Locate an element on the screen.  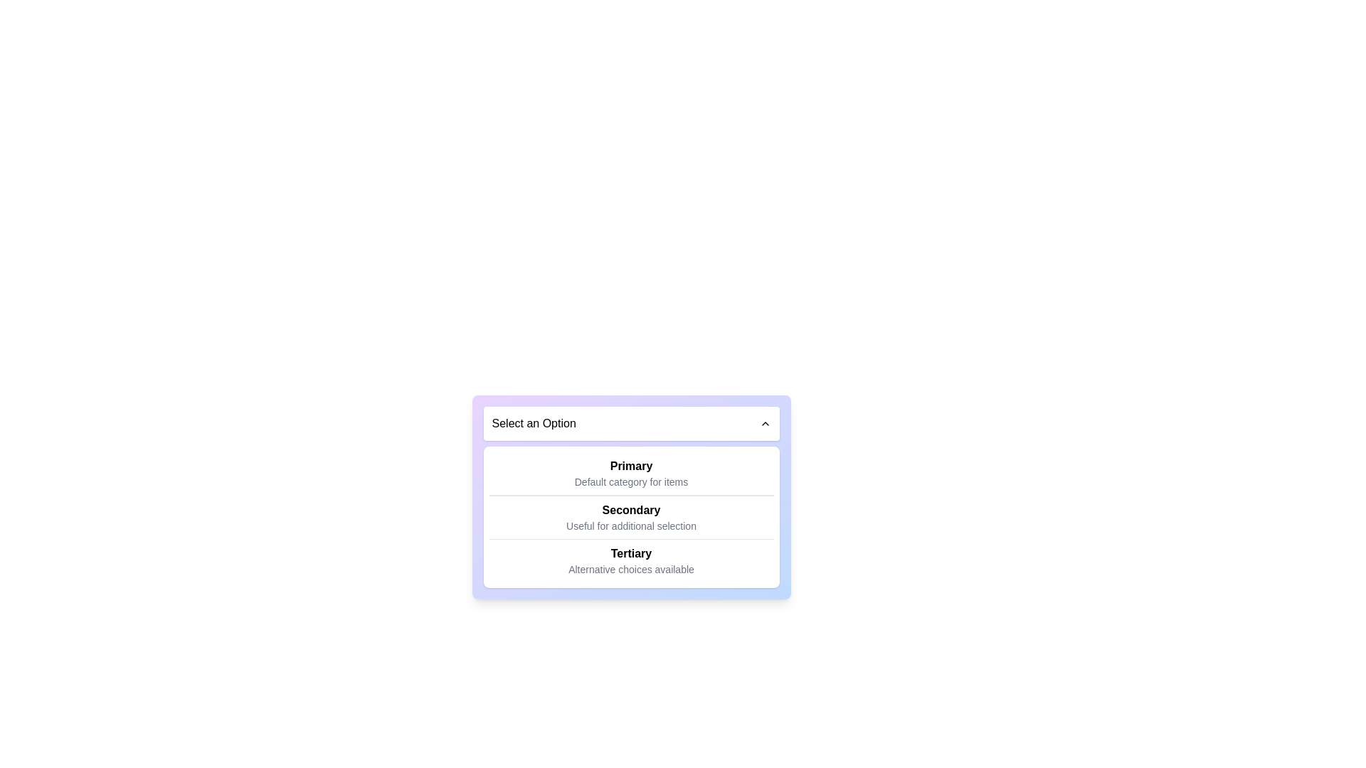
the Text label that provides additional descriptive information about the 'Secondary' option in the dropdown menu, located directly underneath the 'Secondary' label is located at coordinates (630, 526).